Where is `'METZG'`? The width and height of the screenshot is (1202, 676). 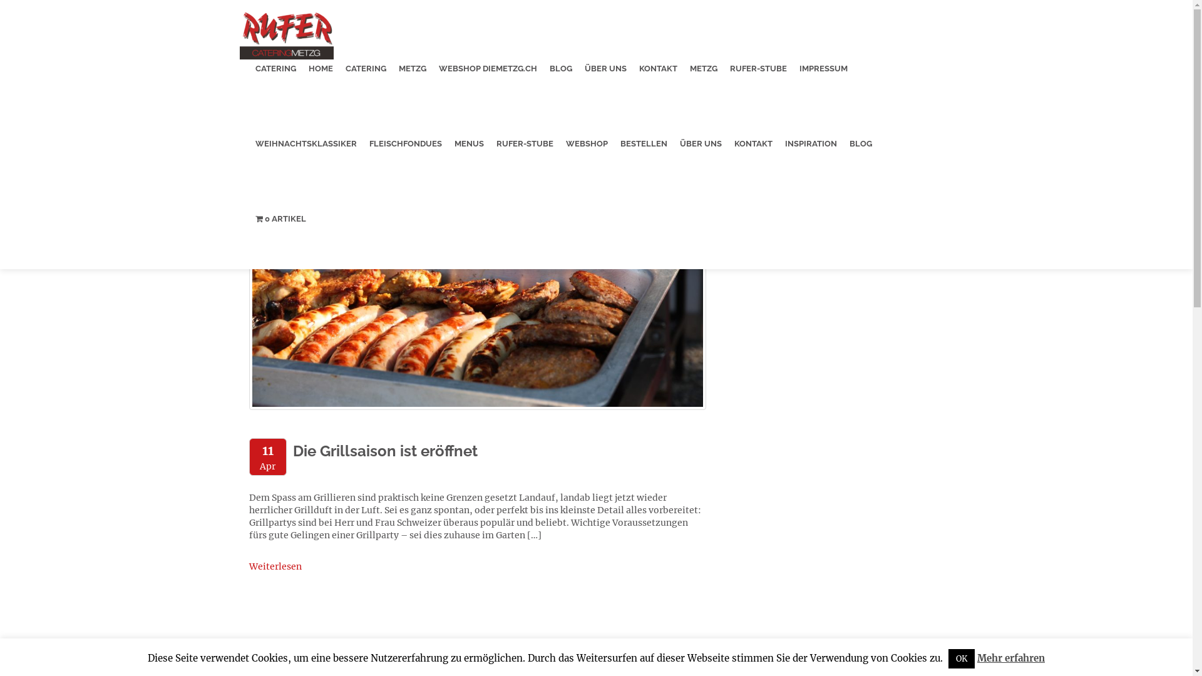
'METZG' is located at coordinates (411, 69).